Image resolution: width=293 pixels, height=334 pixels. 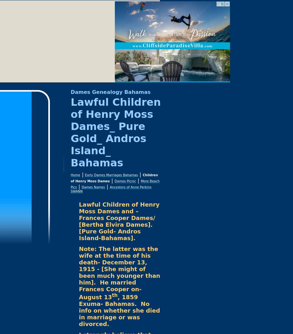 What do you see at coordinates (109, 234) in the screenshot?
I see `'[Pure Gold- Andros Island-Bahamas].'` at bounding box center [109, 234].